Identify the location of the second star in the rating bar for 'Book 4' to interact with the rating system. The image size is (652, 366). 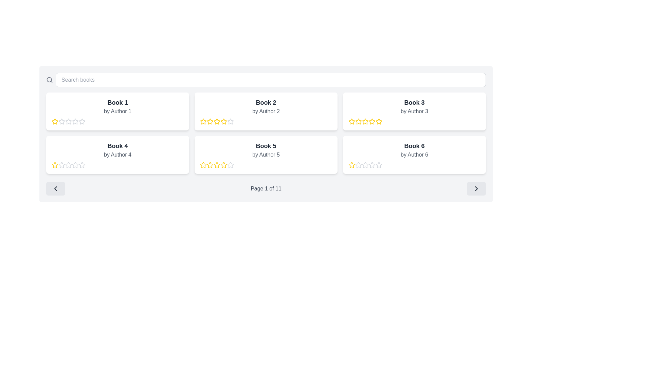
(75, 165).